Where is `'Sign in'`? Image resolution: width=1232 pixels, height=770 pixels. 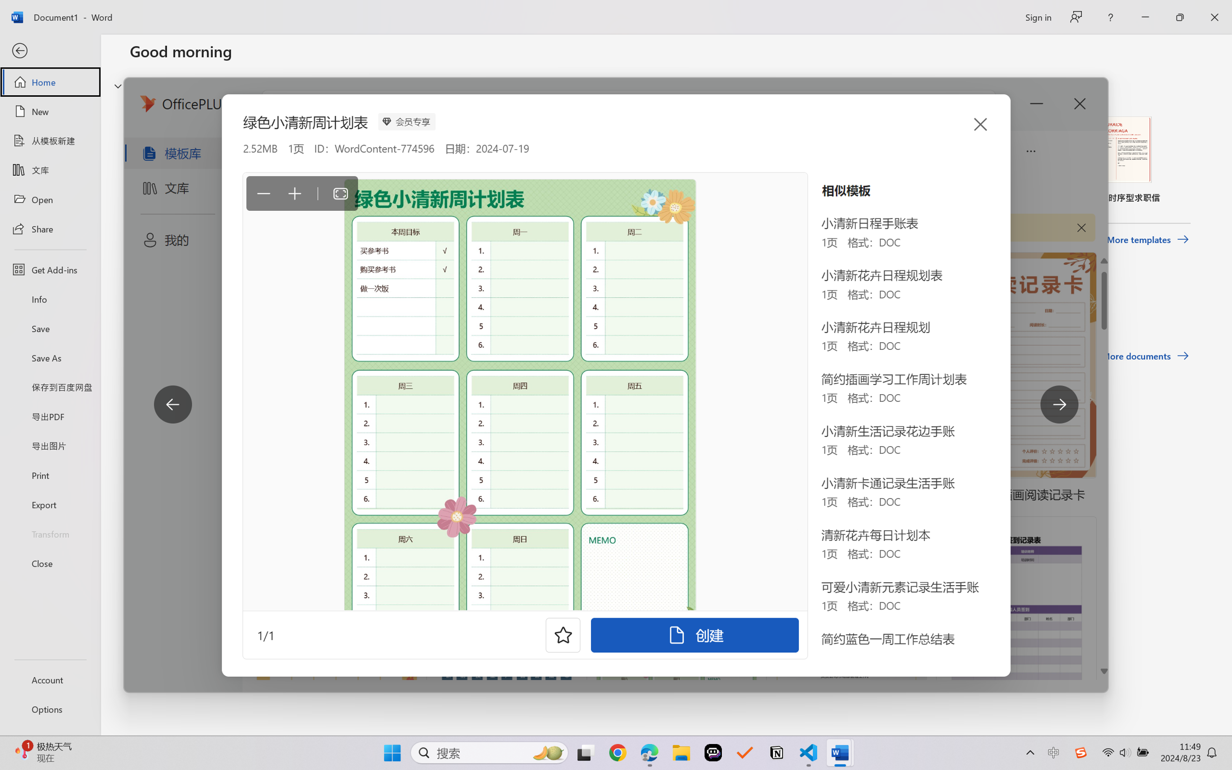 'Sign in' is located at coordinates (1037, 17).